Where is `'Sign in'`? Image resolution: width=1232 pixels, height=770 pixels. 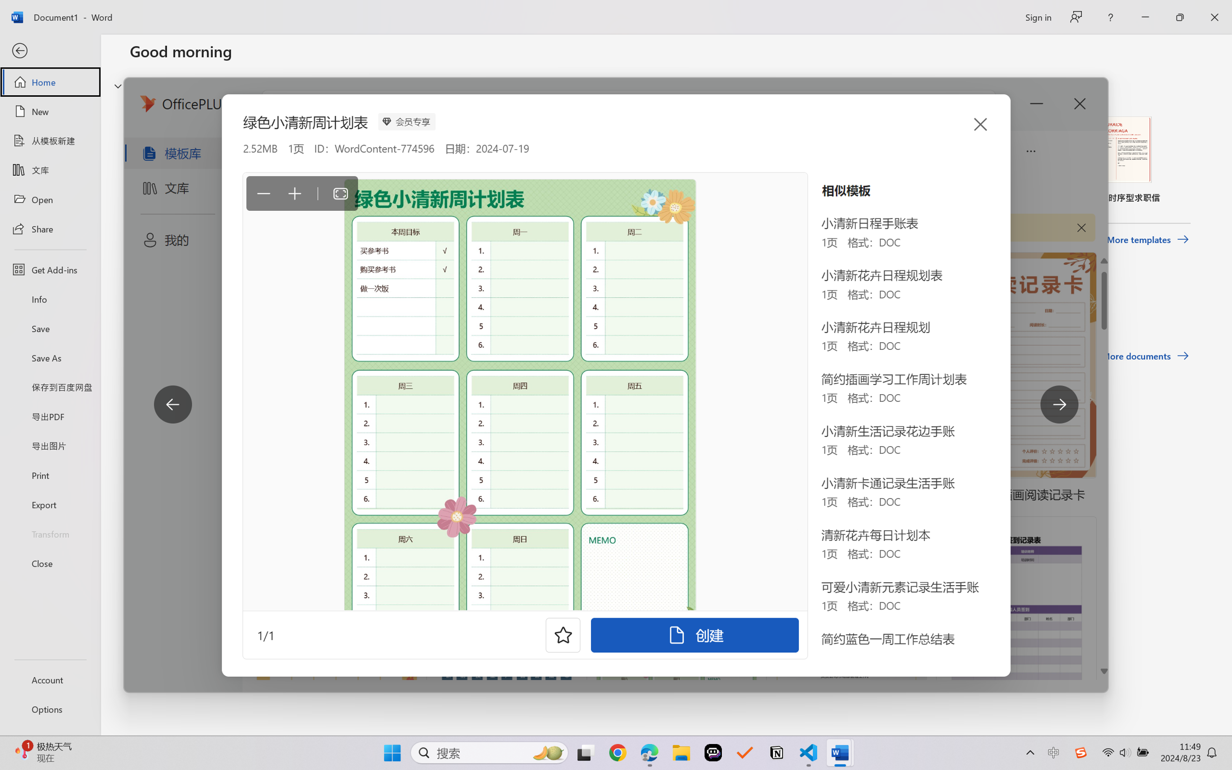 'Sign in' is located at coordinates (1037, 17).